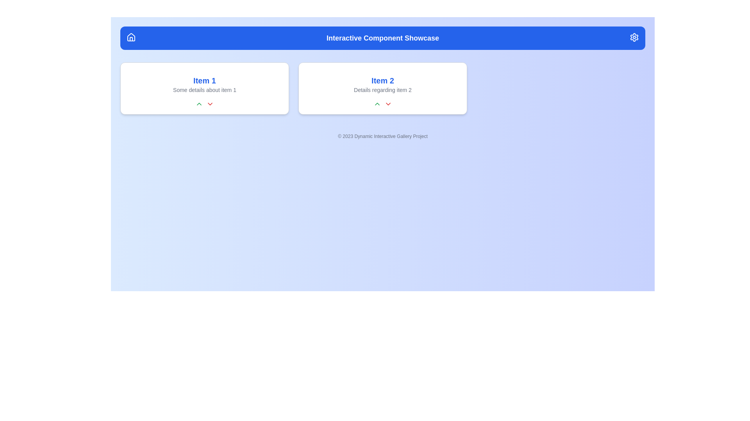  What do you see at coordinates (210, 103) in the screenshot?
I see `the Icon Button located under 'Item 1'` at bounding box center [210, 103].